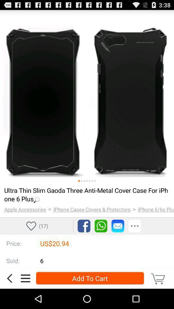 This screenshot has width=174, height=309. What do you see at coordinates (92, 209) in the screenshot?
I see `the item next to >` at bounding box center [92, 209].